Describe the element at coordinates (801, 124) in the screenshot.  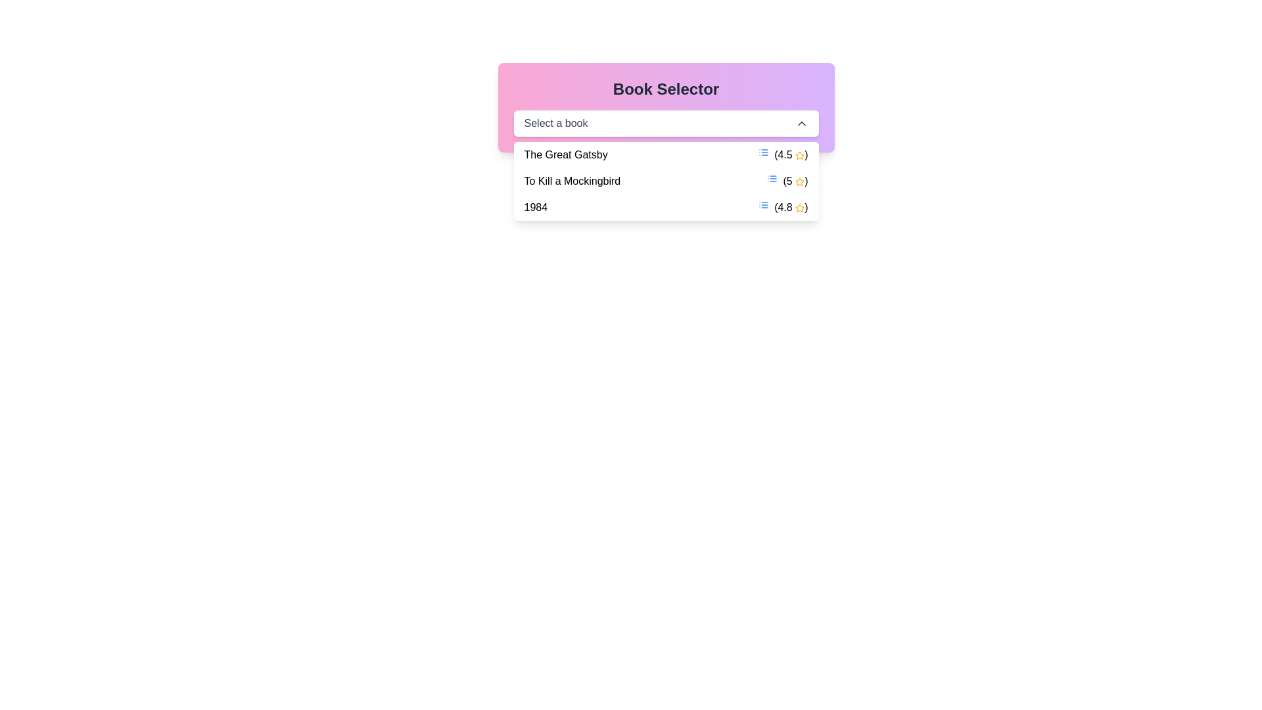
I see `the chevron indicator icon button` at that location.